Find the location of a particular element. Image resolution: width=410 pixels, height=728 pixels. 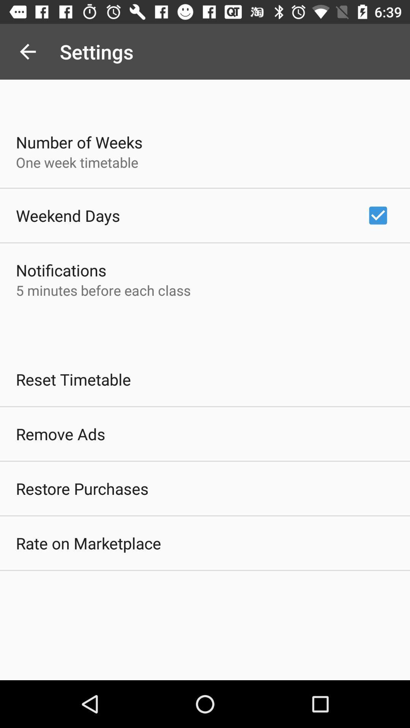

app to the right of weekend days is located at coordinates (378, 215).